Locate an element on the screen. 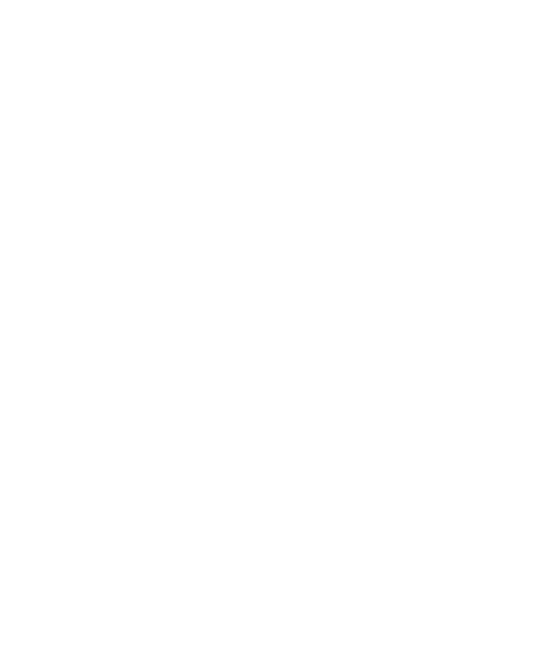 This screenshot has width=535, height=654. 'Week Ahead:  Have the Markets Turned?' is located at coordinates (199, 376).